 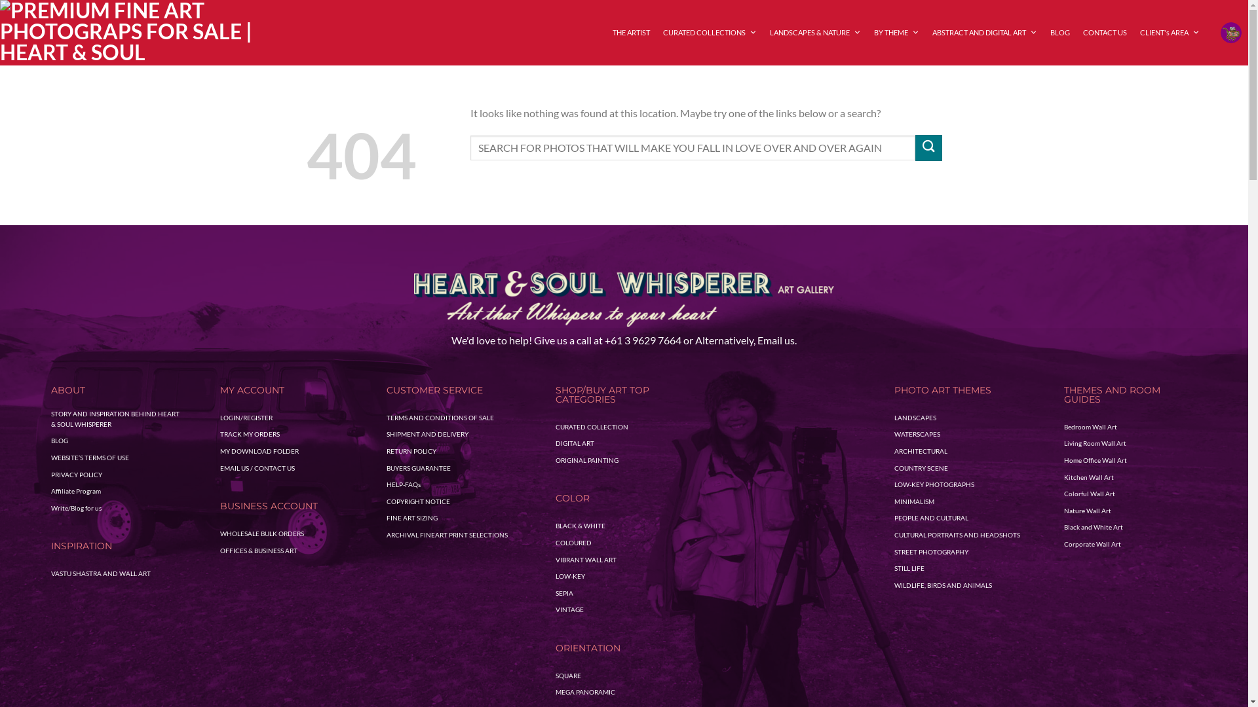 What do you see at coordinates (893, 552) in the screenshot?
I see `'STREET PHOTOGRAPHY'` at bounding box center [893, 552].